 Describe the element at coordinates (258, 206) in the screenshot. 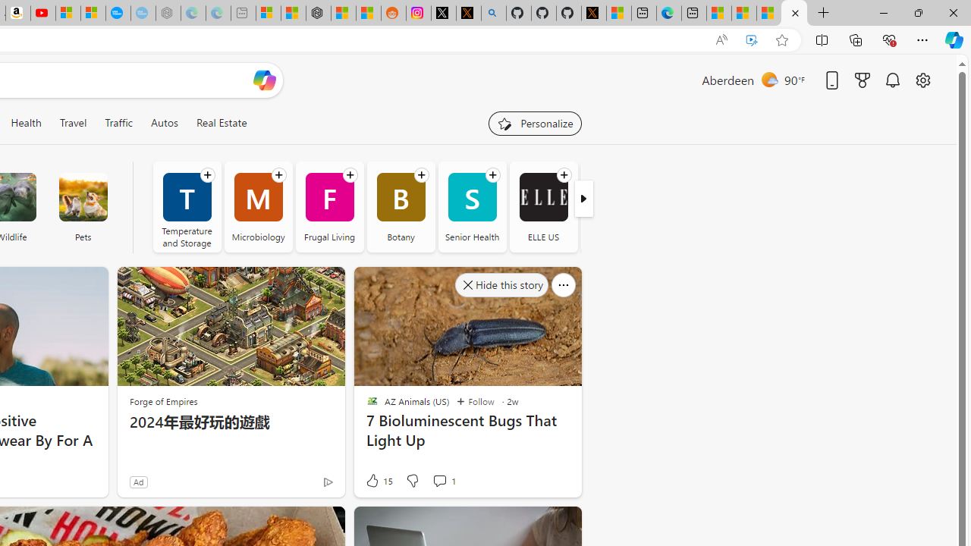

I see `'Microbiology'` at that location.